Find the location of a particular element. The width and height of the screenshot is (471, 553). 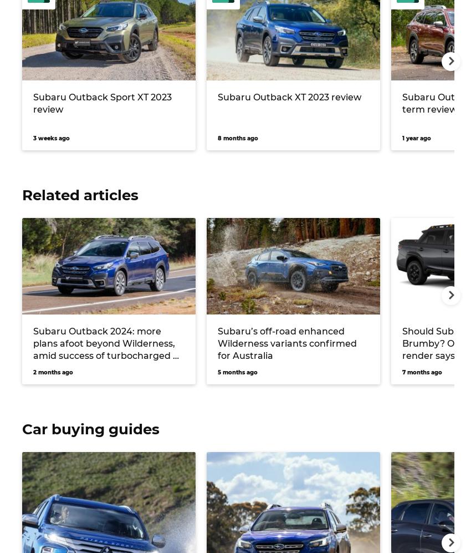

'Related articles' is located at coordinates (80, 194).